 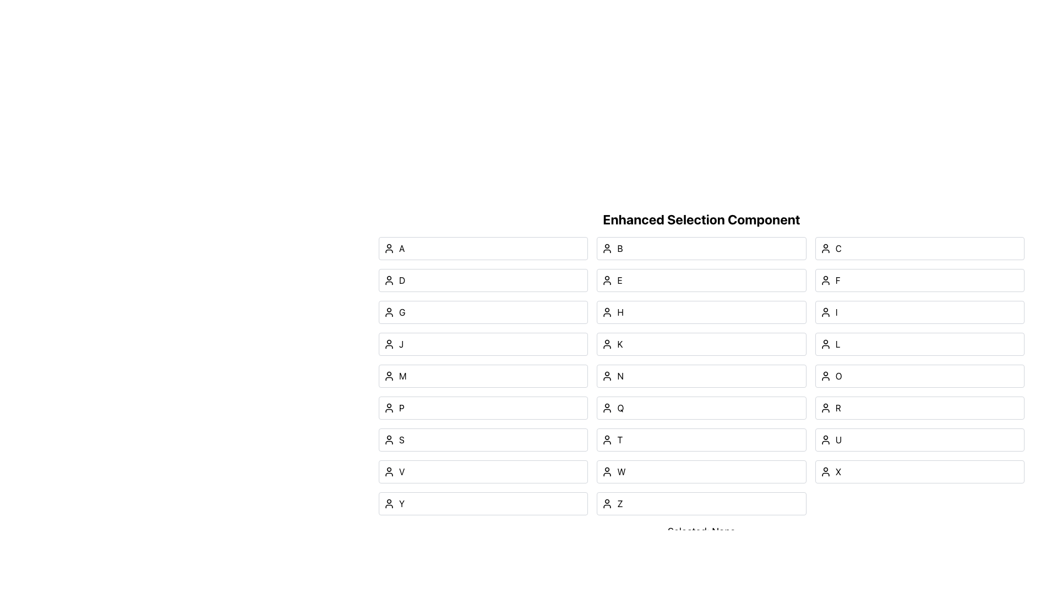 What do you see at coordinates (919, 408) in the screenshot?
I see `the button representing the letter 'R' located` at bounding box center [919, 408].